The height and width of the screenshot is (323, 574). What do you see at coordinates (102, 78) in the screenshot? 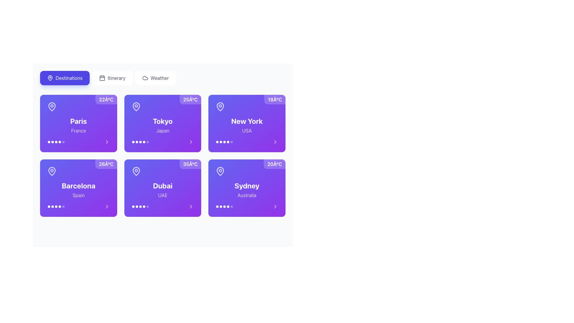
I see `the graphical element that is part of the calendar icon, located between the 'Destinations' and 'Weather' icons in the header` at bounding box center [102, 78].